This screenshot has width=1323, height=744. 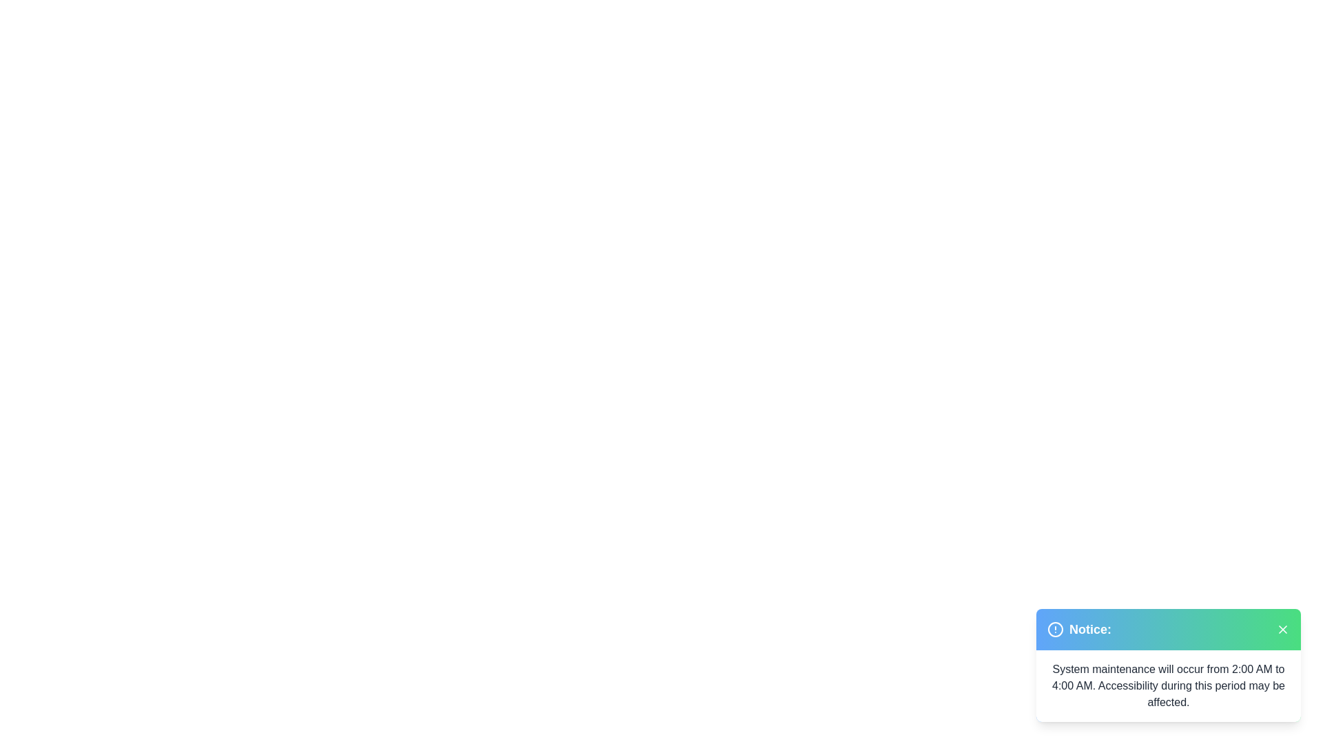 What do you see at coordinates (1282, 630) in the screenshot?
I see `the close button to dismiss the alert` at bounding box center [1282, 630].